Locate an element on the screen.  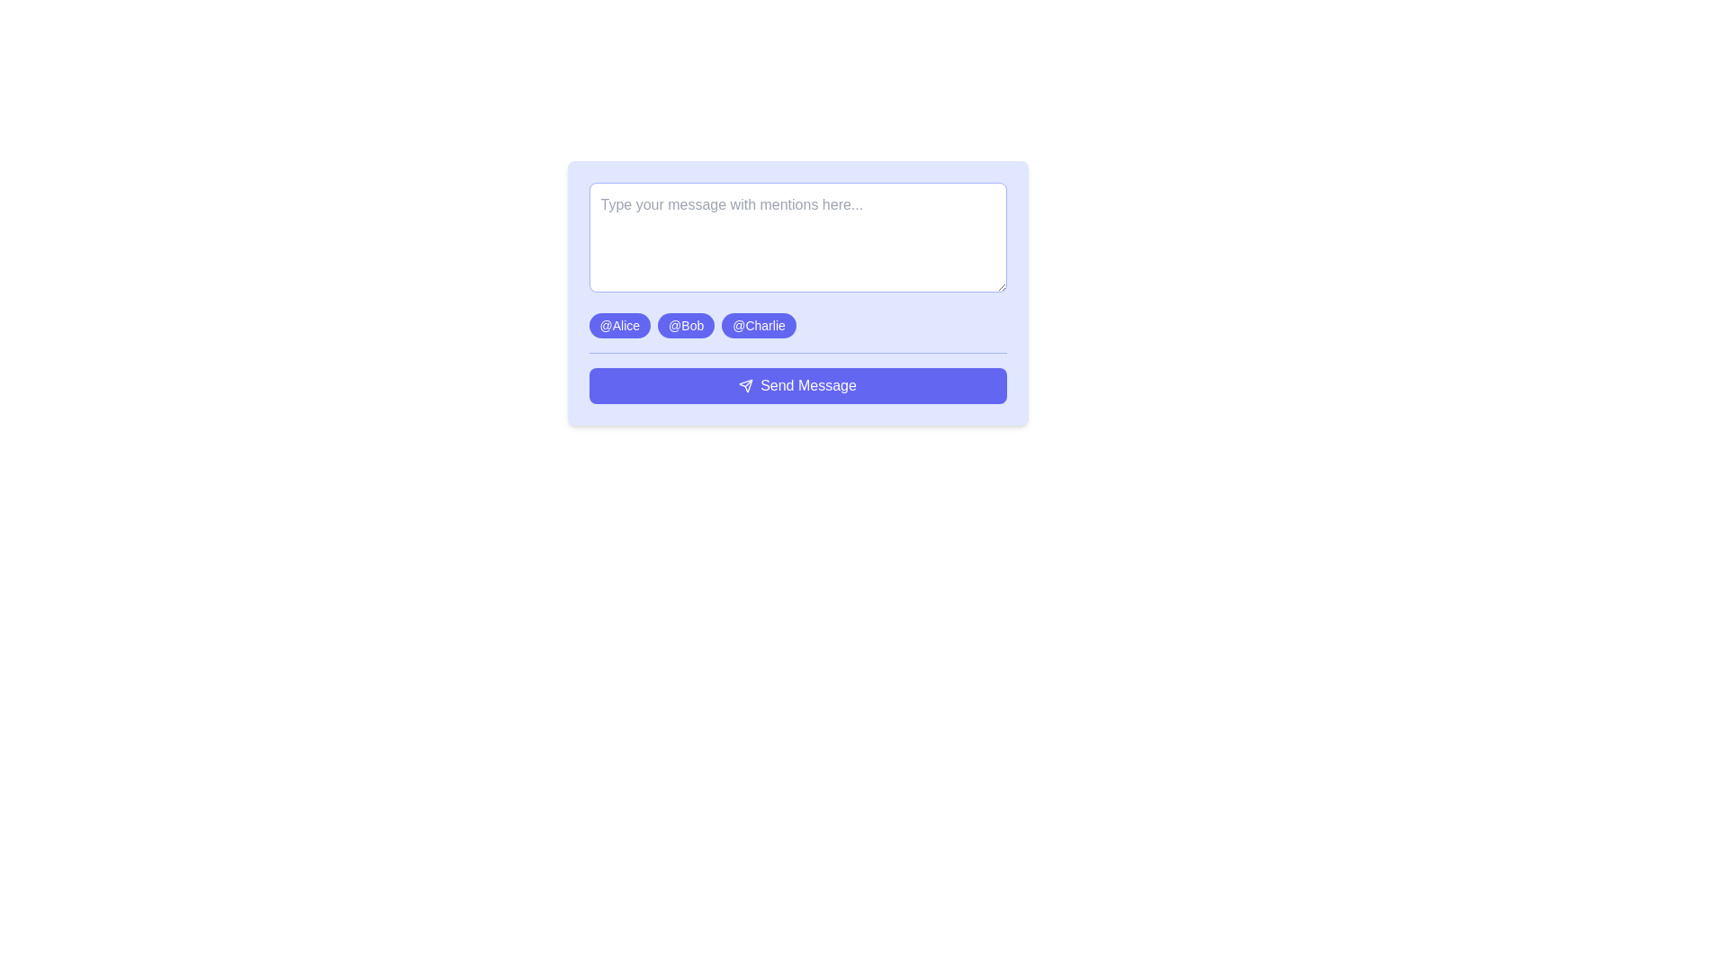
the Mention tag group consisting of the rounded blue buttons '@Alice', '@Bob', and '@Charlie' is located at coordinates (796, 326).